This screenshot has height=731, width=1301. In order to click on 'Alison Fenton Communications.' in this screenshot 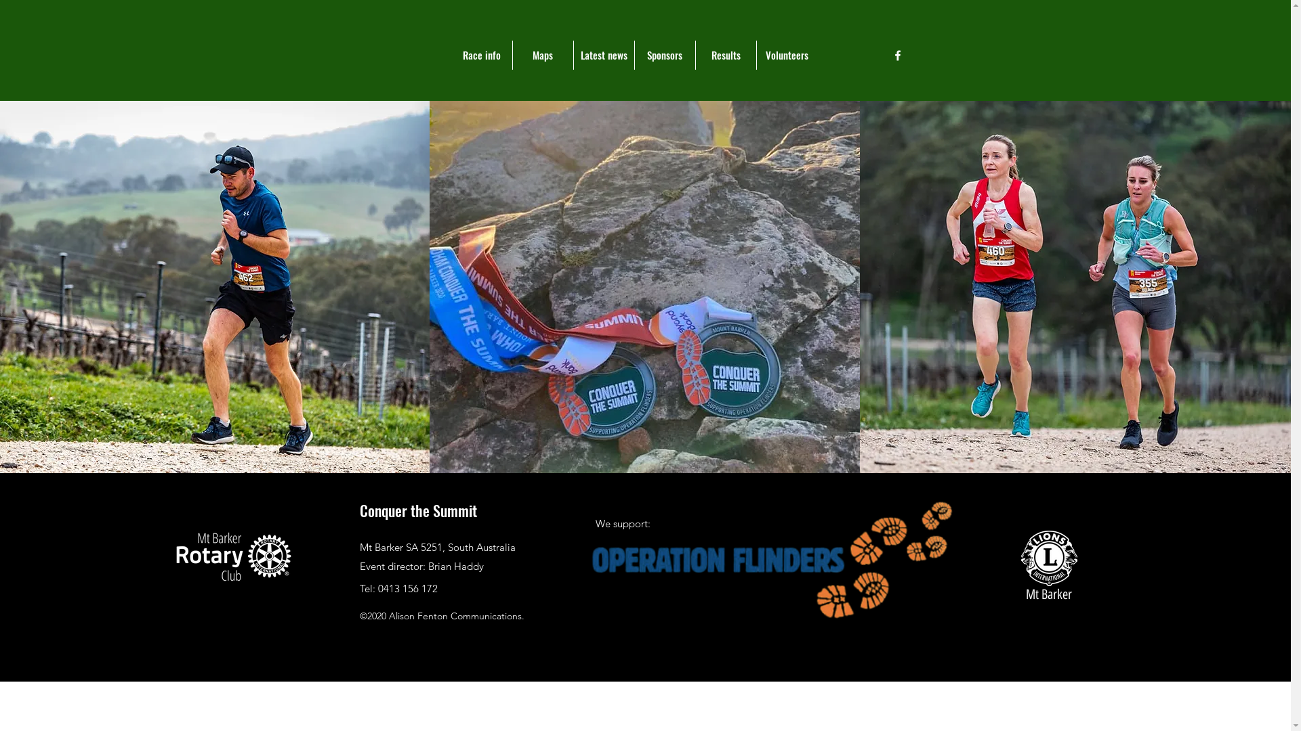, I will do `click(388, 616)`.